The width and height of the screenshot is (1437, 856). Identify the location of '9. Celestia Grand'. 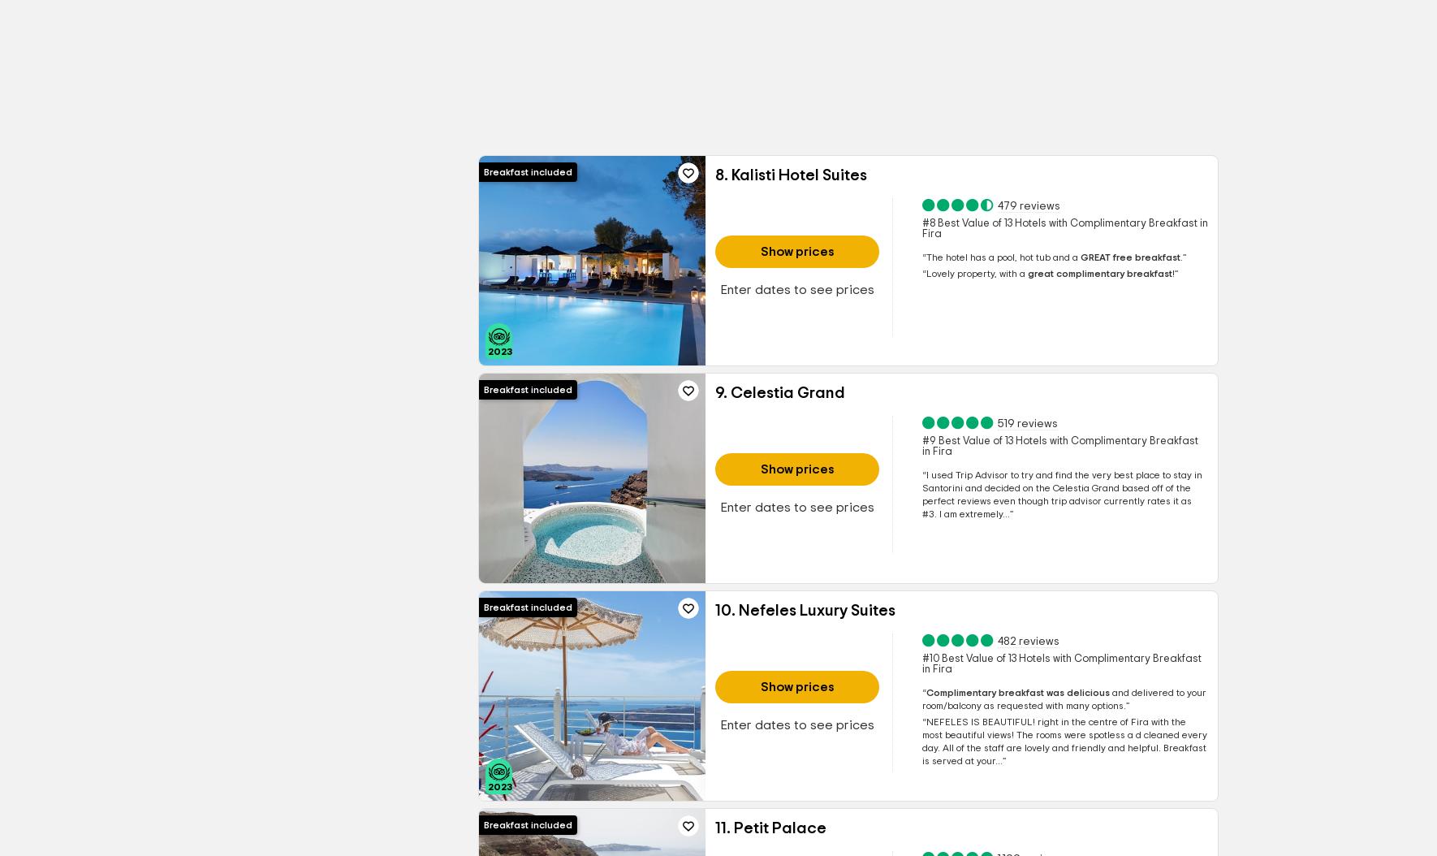
(714, 391).